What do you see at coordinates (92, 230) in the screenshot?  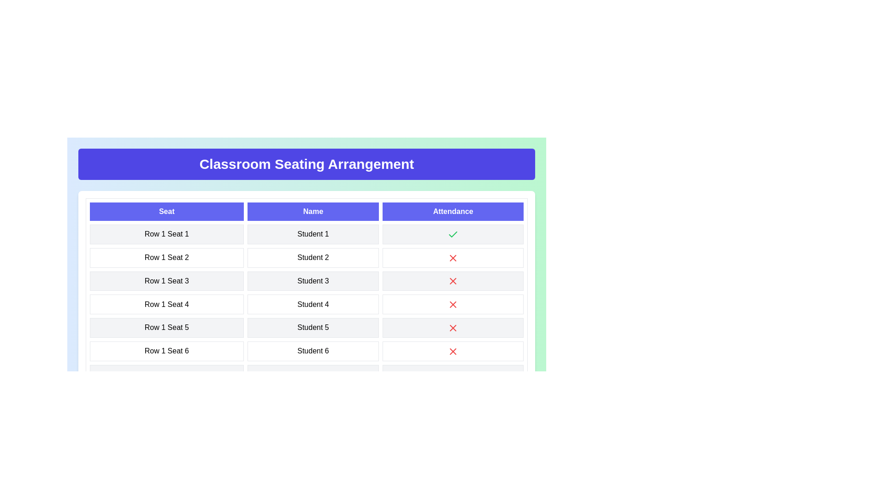 I see `the text in the cell corresponding to Row 1 and Seat` at bounding box center [92, 230].